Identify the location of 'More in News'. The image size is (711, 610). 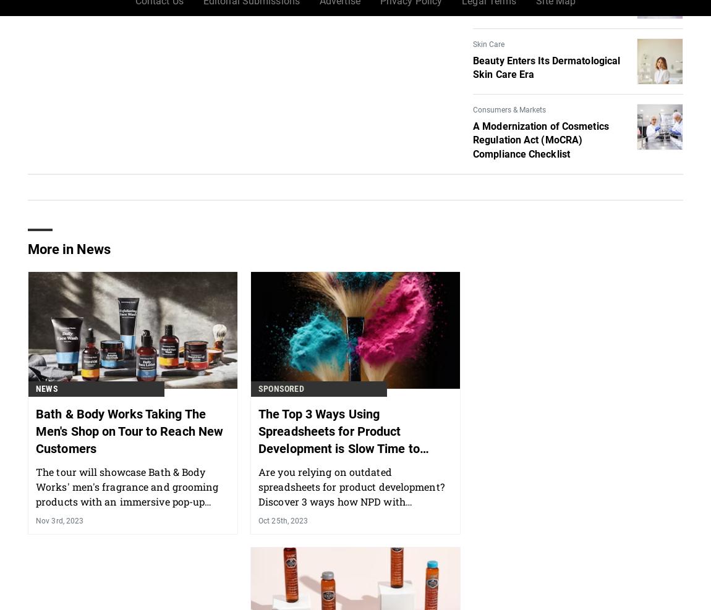
(69, 314).